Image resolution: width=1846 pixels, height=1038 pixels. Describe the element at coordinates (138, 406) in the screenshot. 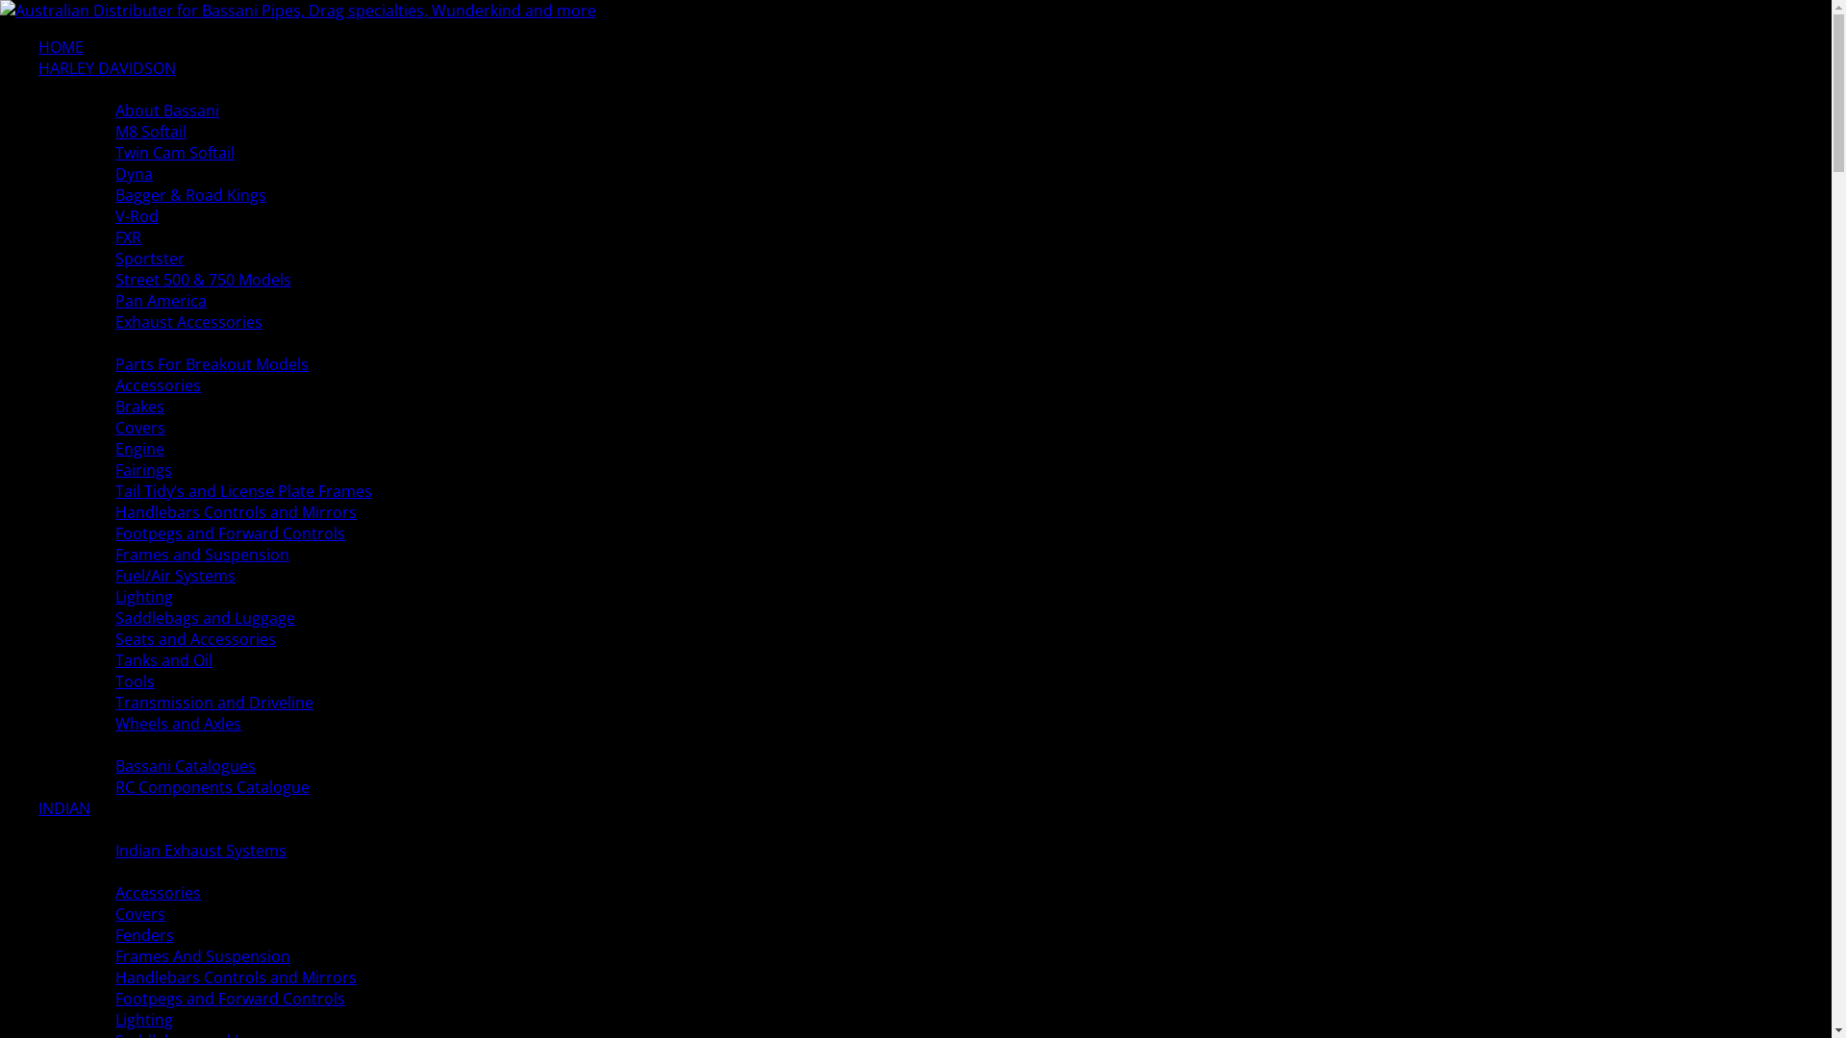

I see `'Brakes'` at that location.